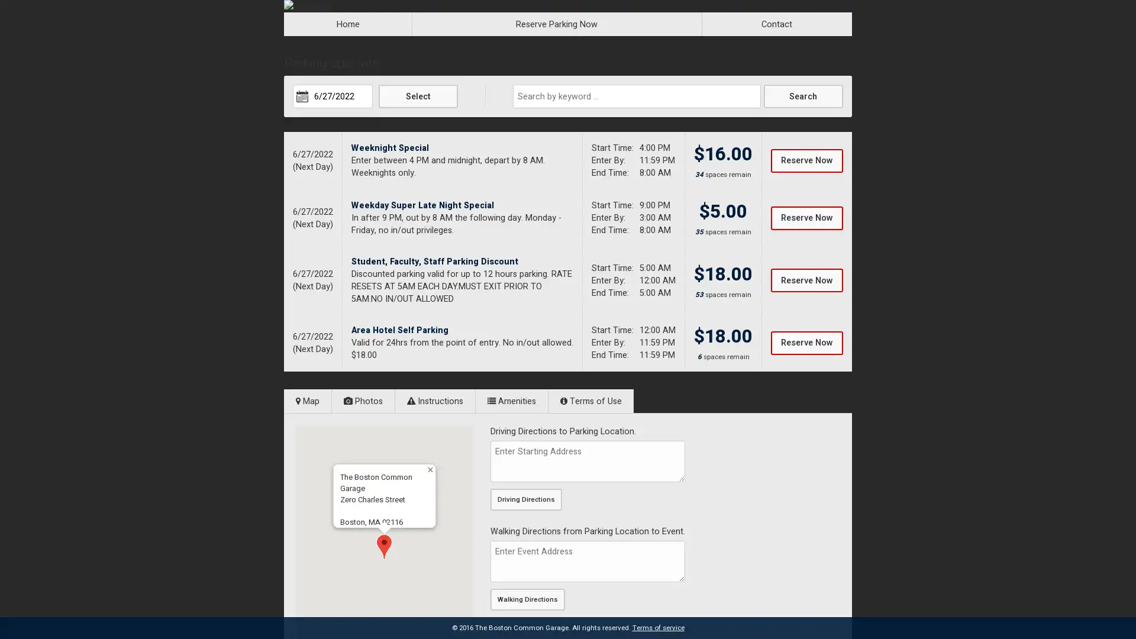  Describe the element at coordinates (525, 499) in the screenshot. I see `Driving Directions` at that location.